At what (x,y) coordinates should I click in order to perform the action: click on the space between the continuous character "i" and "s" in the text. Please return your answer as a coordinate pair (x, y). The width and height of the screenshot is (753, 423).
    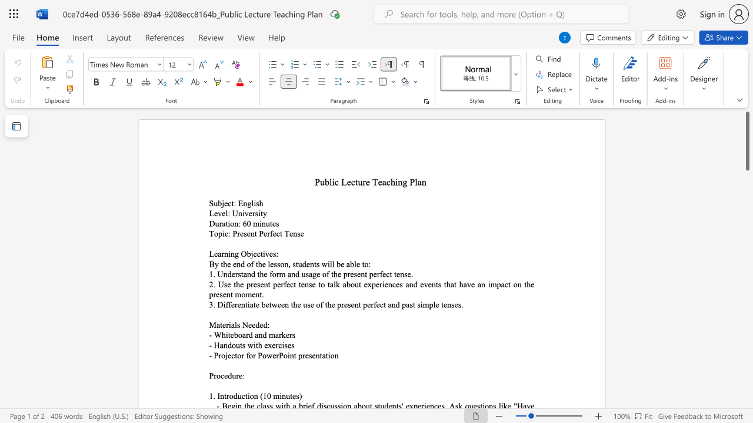
    Looking at the image, I should click on (255, 203).